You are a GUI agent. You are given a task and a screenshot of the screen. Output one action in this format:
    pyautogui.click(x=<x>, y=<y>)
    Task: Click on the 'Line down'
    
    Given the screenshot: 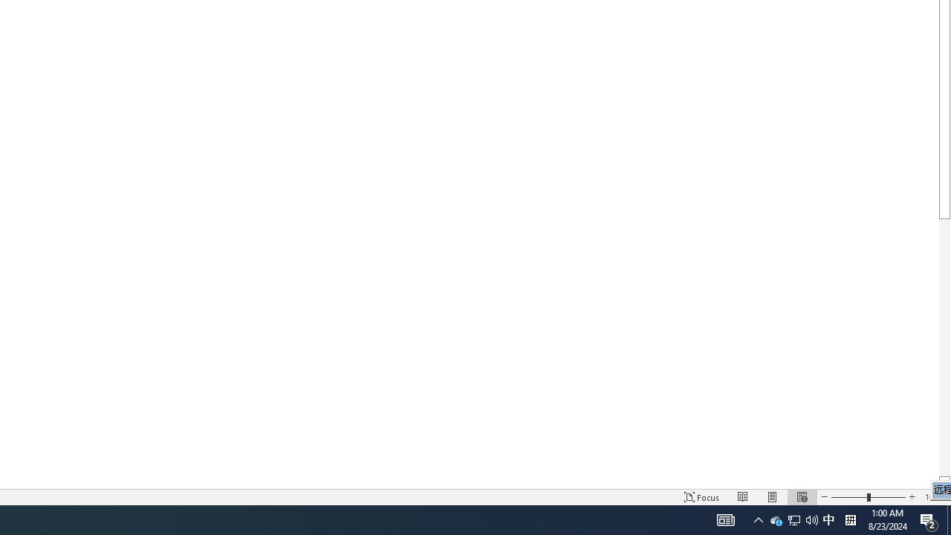 What is the action you would take?
    pyautogui.click(x=944, y=482)
    